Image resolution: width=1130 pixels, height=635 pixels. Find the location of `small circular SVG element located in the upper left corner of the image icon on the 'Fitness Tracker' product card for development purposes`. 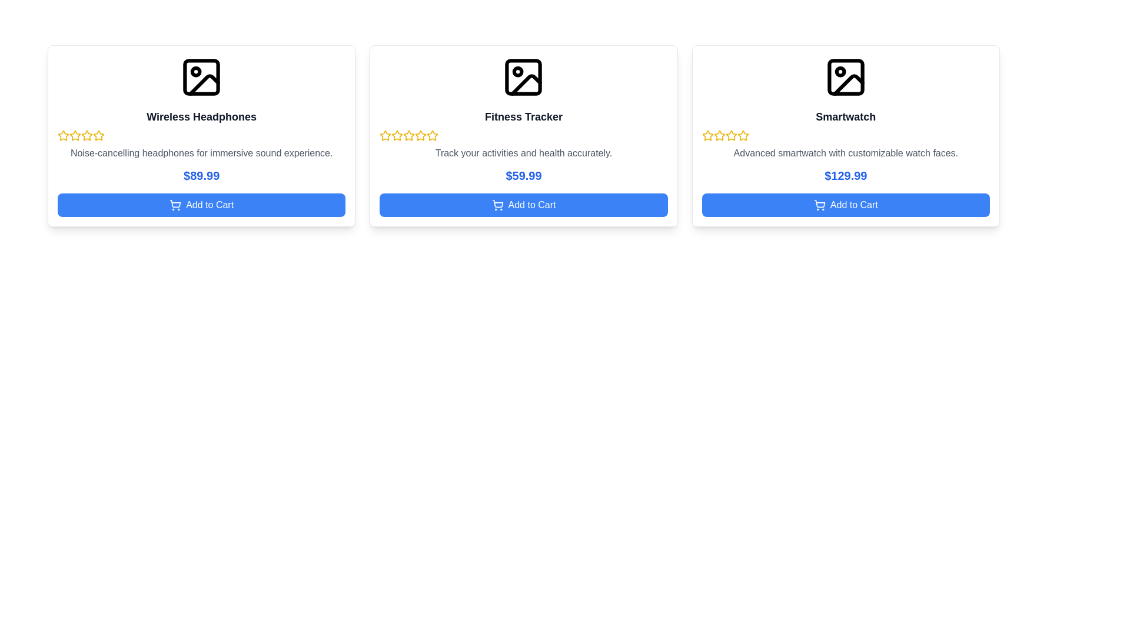

small circular SVG element located in the upper left corner of the image icon on the 'Fitness Tracker' product card for development purposes is located at coordinates (518, 72).